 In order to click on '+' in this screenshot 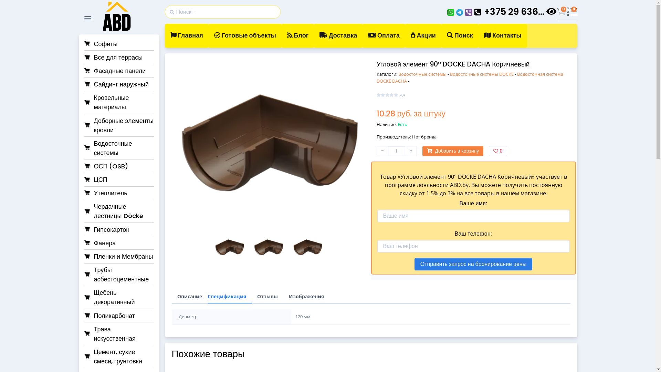, I will do `click(411, 151)`.